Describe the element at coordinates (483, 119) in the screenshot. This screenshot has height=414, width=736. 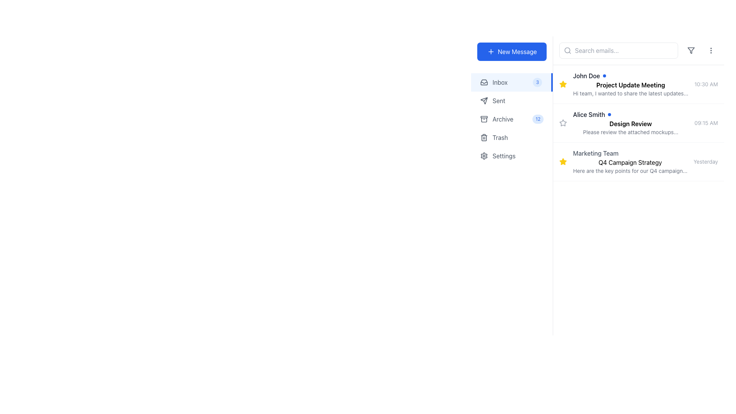
I see `the compact archive box icon located on the left sidebar, positioned directly to the left of the 'Archive' label and above the numeric label '12'` at that location.